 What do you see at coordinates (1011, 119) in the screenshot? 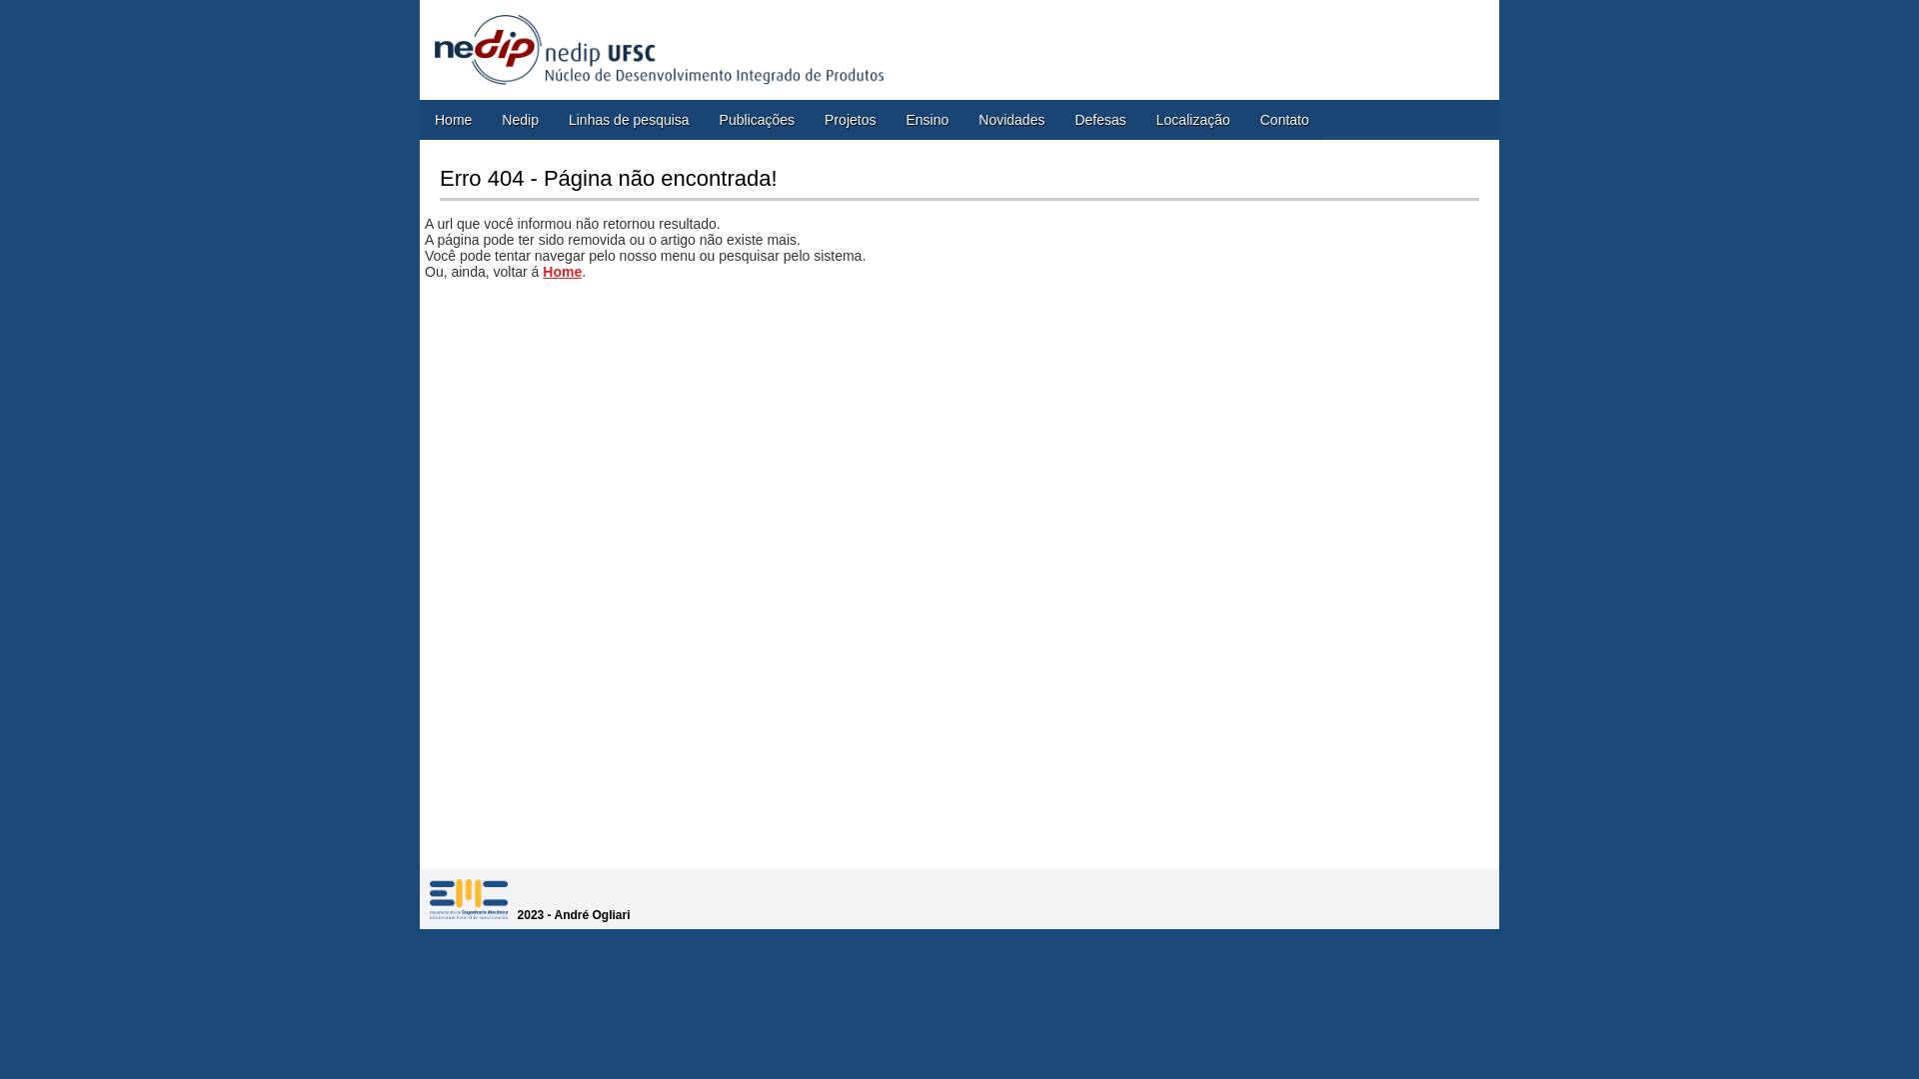
I see `'Novidades'` at bounding box center [1011, 119].